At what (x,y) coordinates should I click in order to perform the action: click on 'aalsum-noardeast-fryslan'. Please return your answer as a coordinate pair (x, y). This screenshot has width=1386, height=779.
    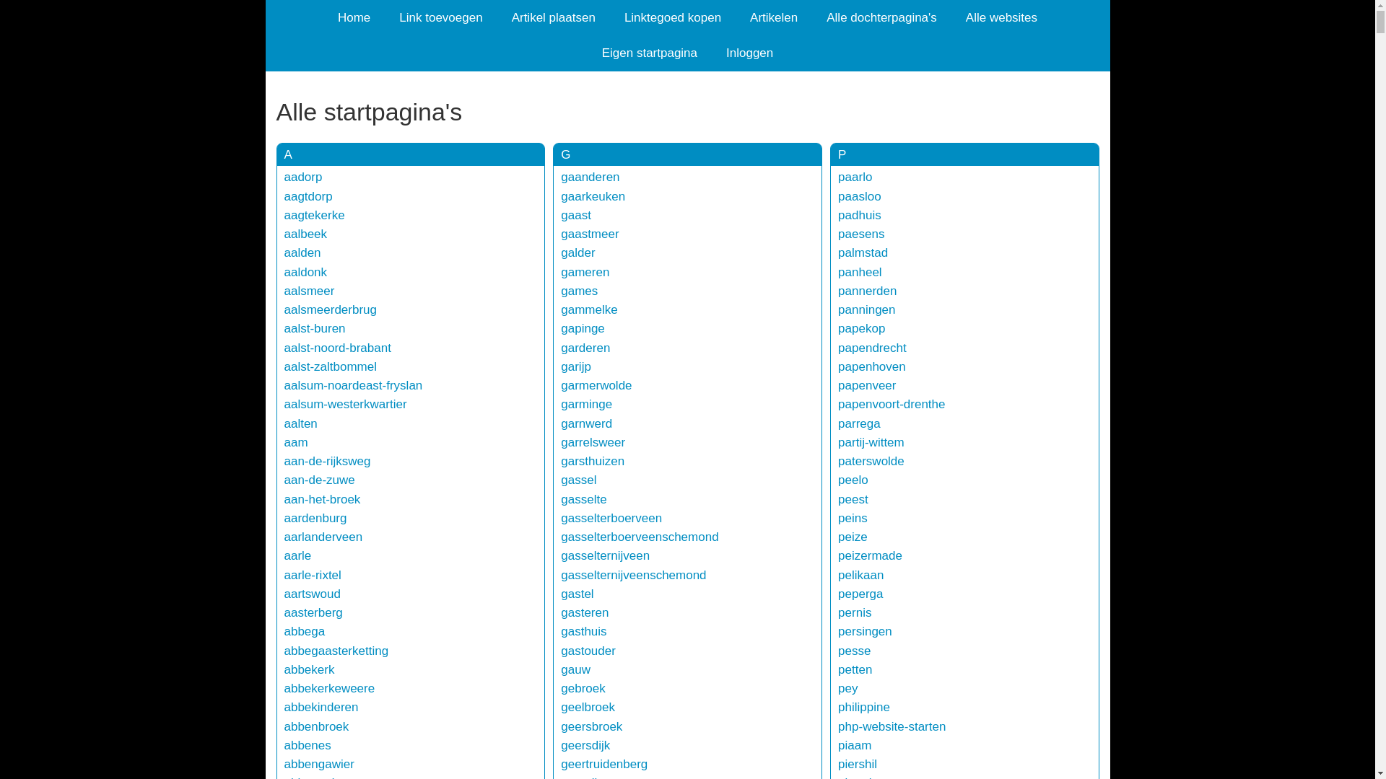
    Looking at the image, I should click on (353, 384).